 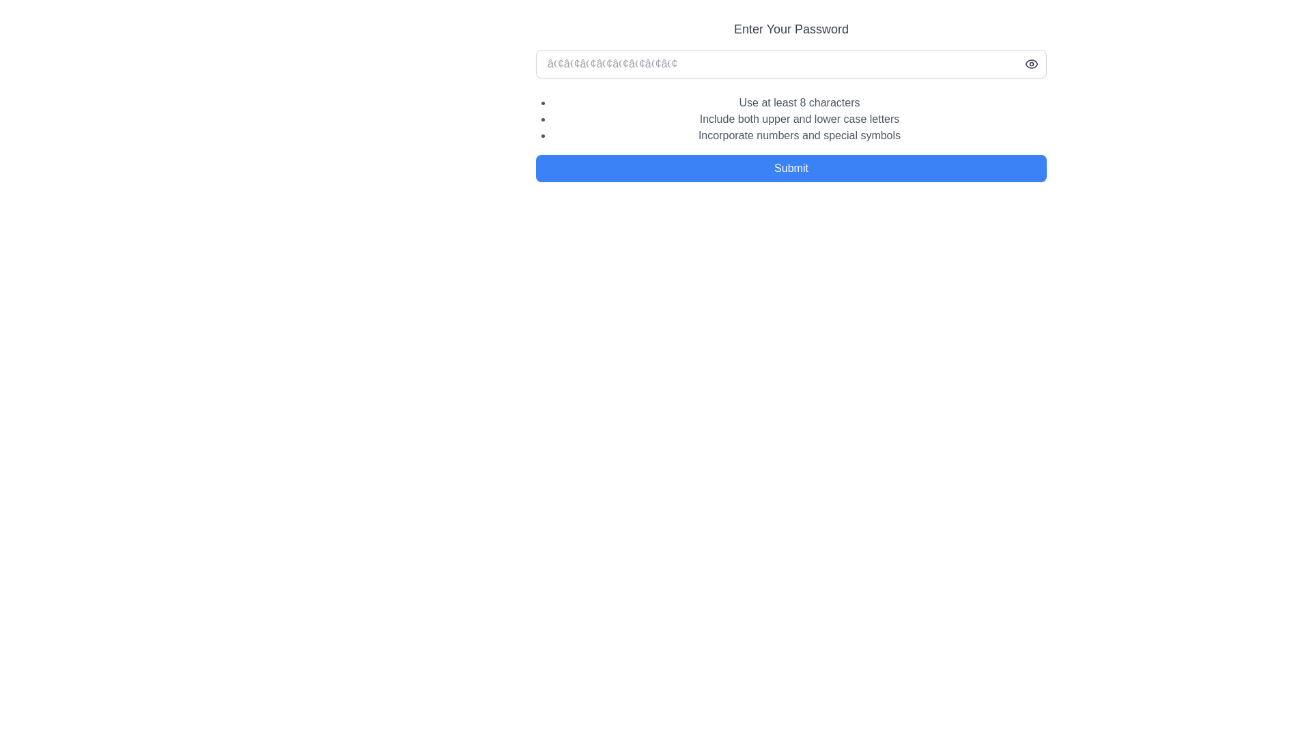 What do you see at coordinates (800, 102) in the screenshot?
I see `the first static instructional message explaining password requirements, which is located directly beneath the password input field` at bounding box center [800, 102].